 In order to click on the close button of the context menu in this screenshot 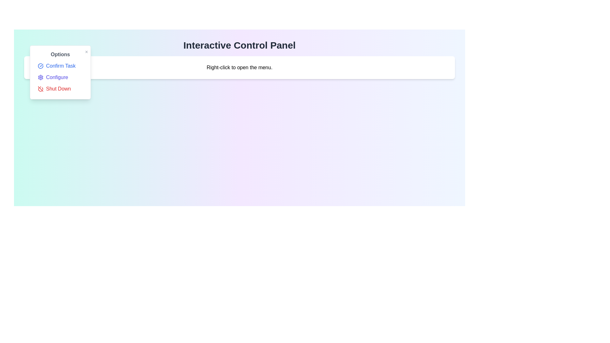, I will do `click(86, 52)`.